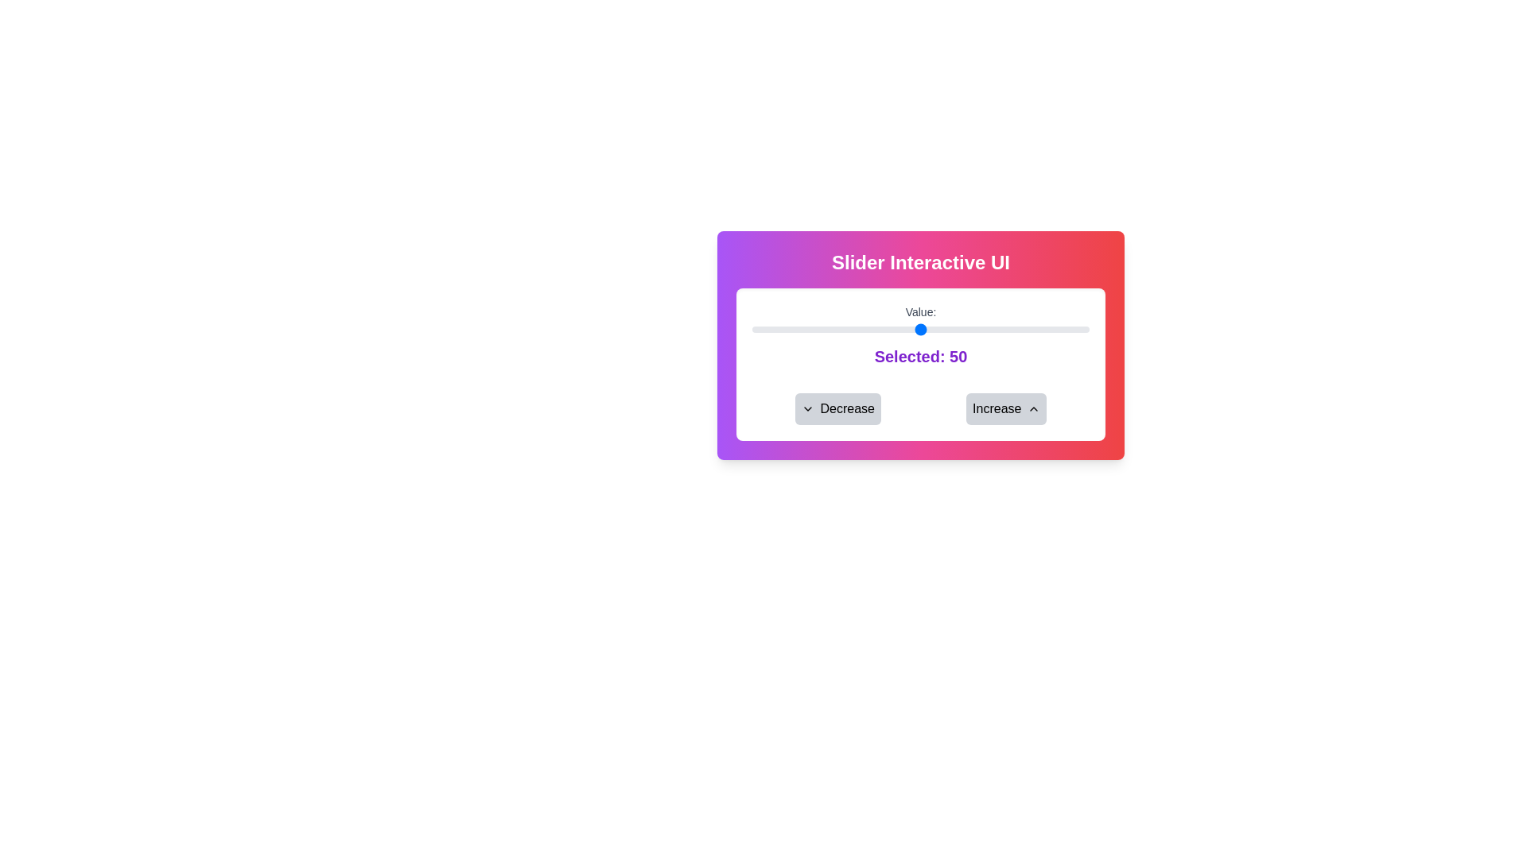 This screenshot has width=1527, height=858. Describe the element at coordinates (994, 329) in the screenshot. I see `slider value` at that location.